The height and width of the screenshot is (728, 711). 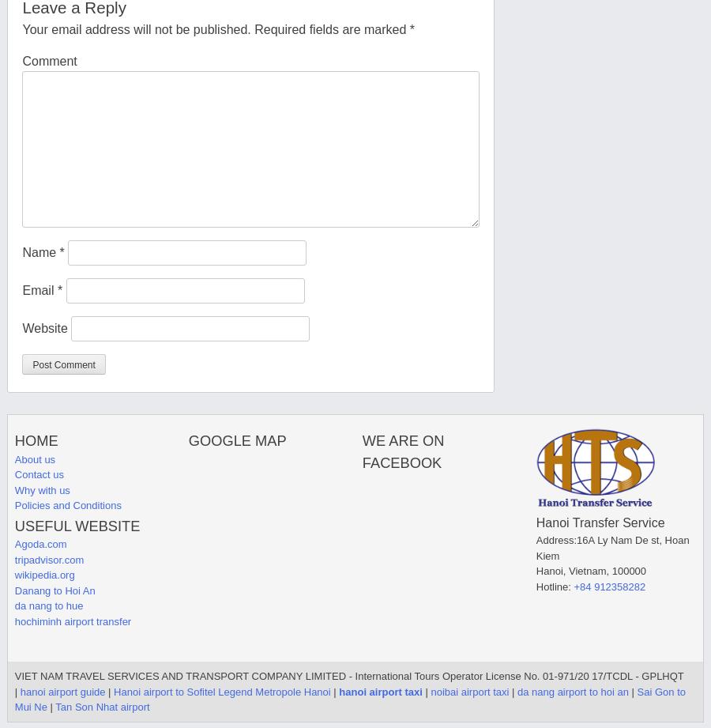 What do you see at coordinates (35, 439) in the screenshot?
I see `'Home'` at bounding box center [35, 439].